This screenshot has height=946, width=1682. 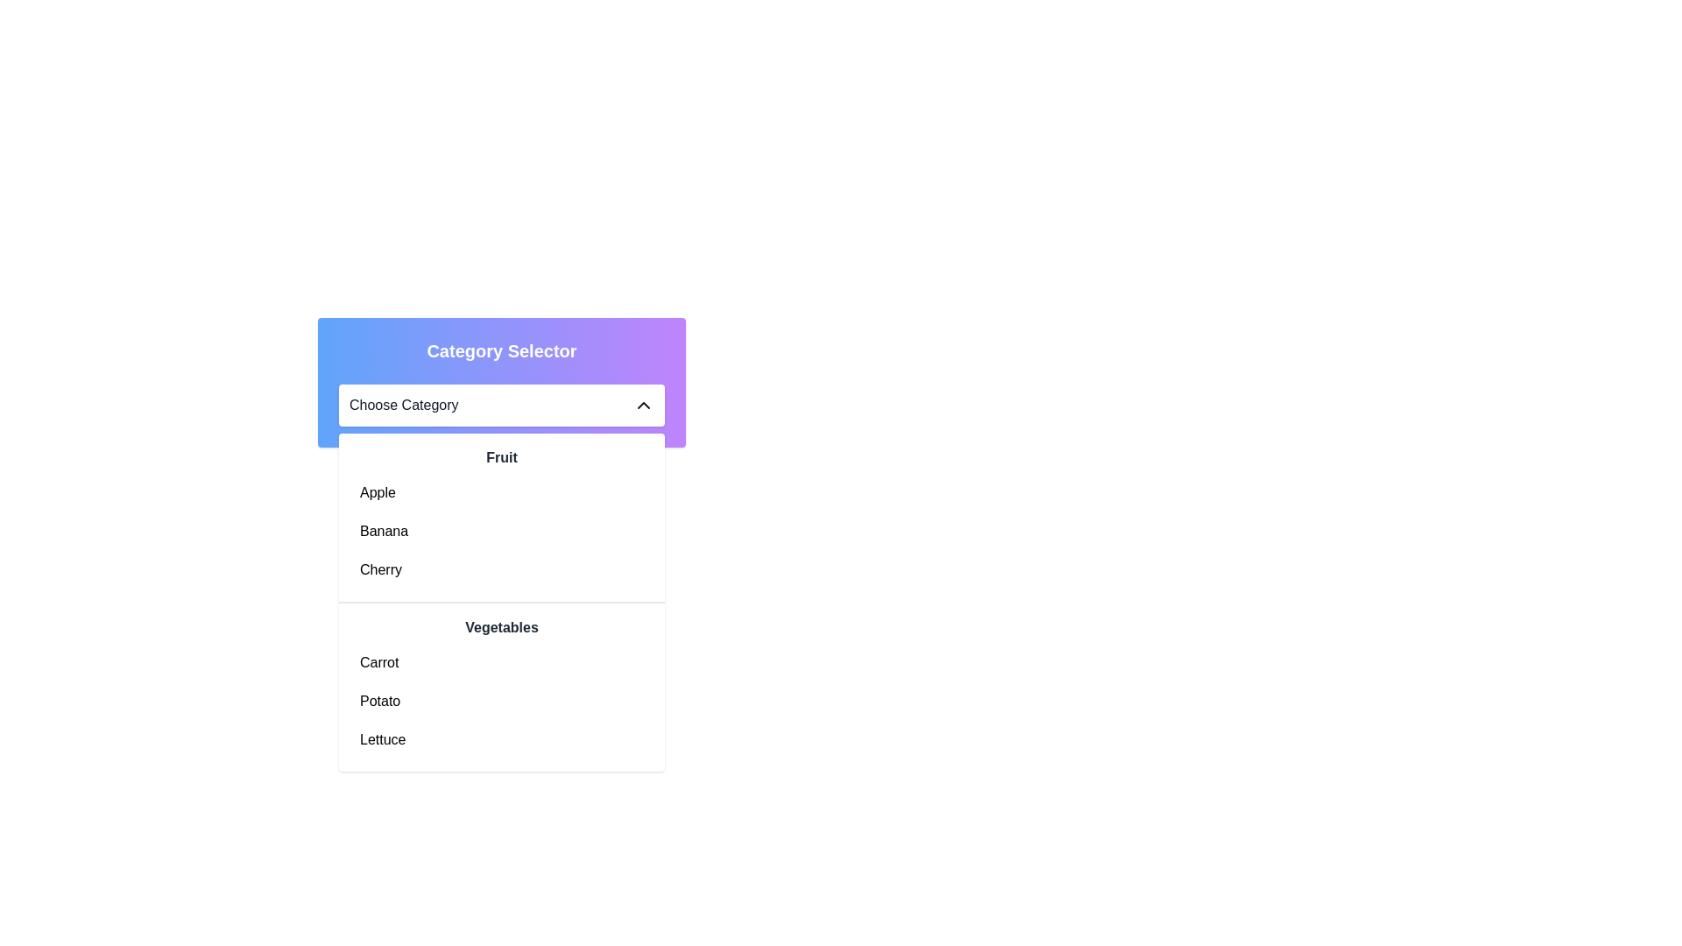 I want to click on the second item in the dropdown menu, which is located between 'Carrot' and 'Lettuce', so click(x=500, y=701).